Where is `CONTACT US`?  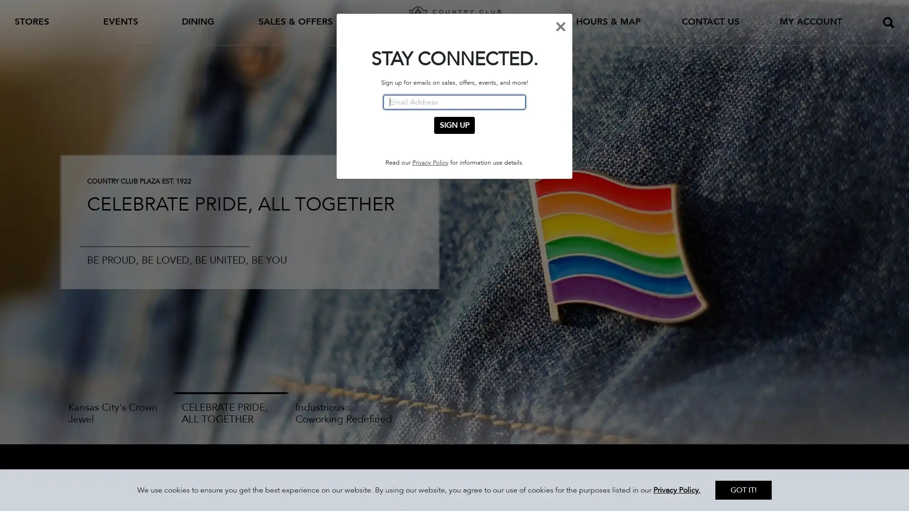
CONTACT US is located at coordinates (710, 21).